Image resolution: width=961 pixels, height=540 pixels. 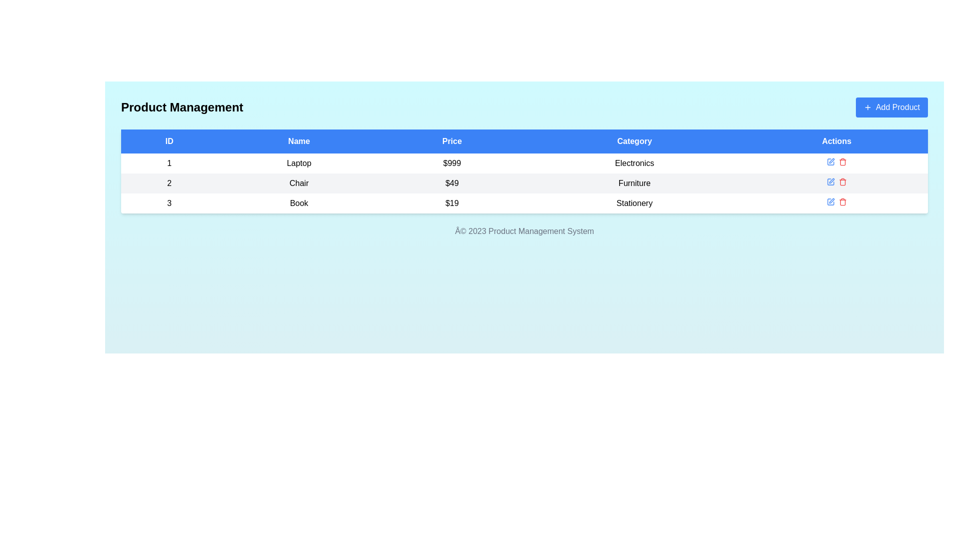 What do you see at coordinates (842, 202) in the screenshot?
I see `the delete button styled as an icon located in the 'Actions' column of the bottom row of the table to observe potential styling changes` at bounding box center [842, 202].